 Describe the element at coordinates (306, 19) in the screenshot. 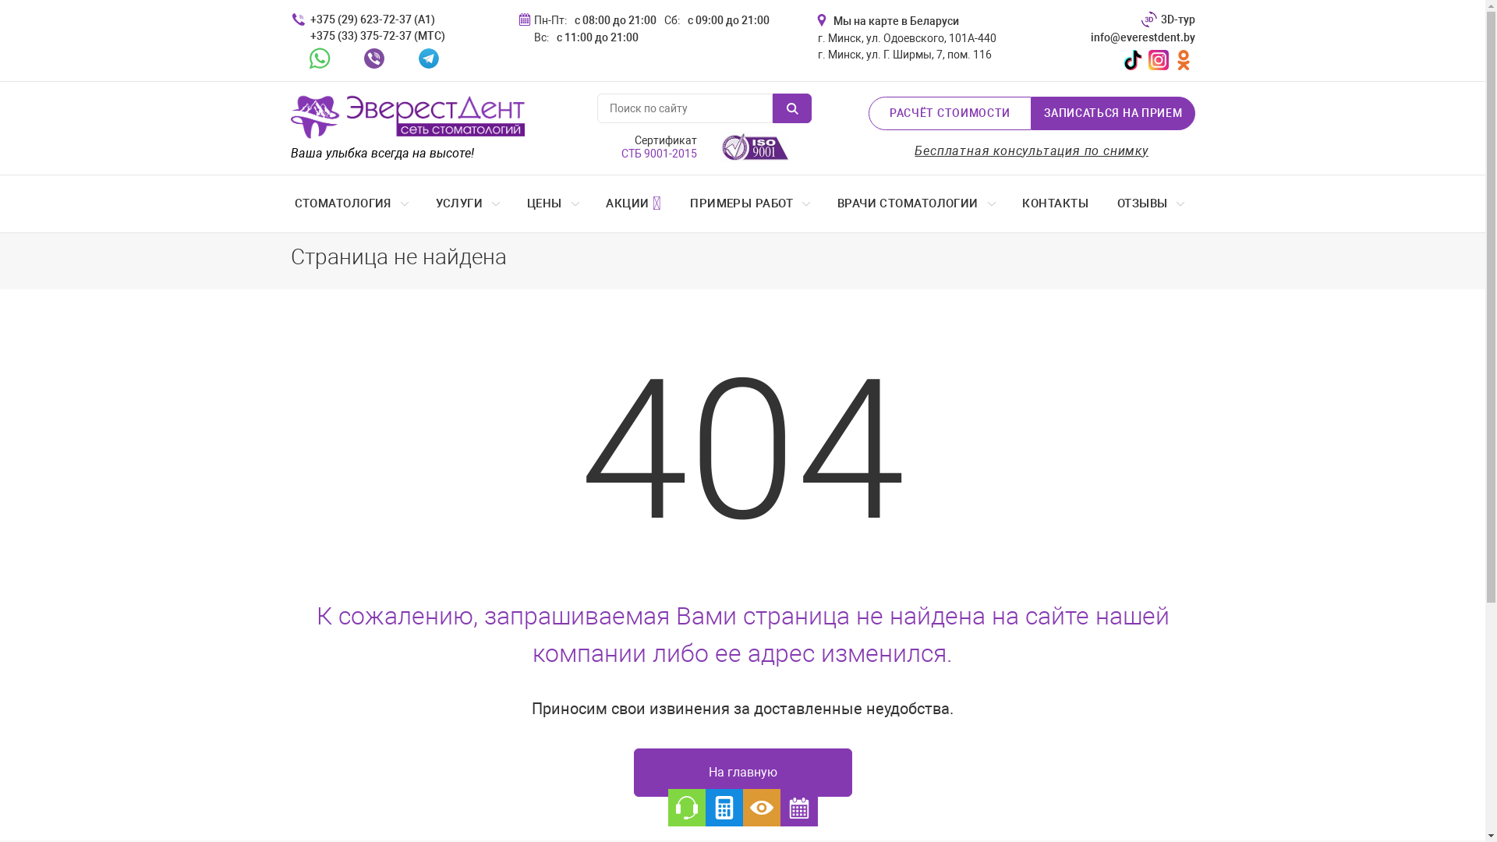

I see `'+375 (29) 623-72-37 (A1)'` at that location.